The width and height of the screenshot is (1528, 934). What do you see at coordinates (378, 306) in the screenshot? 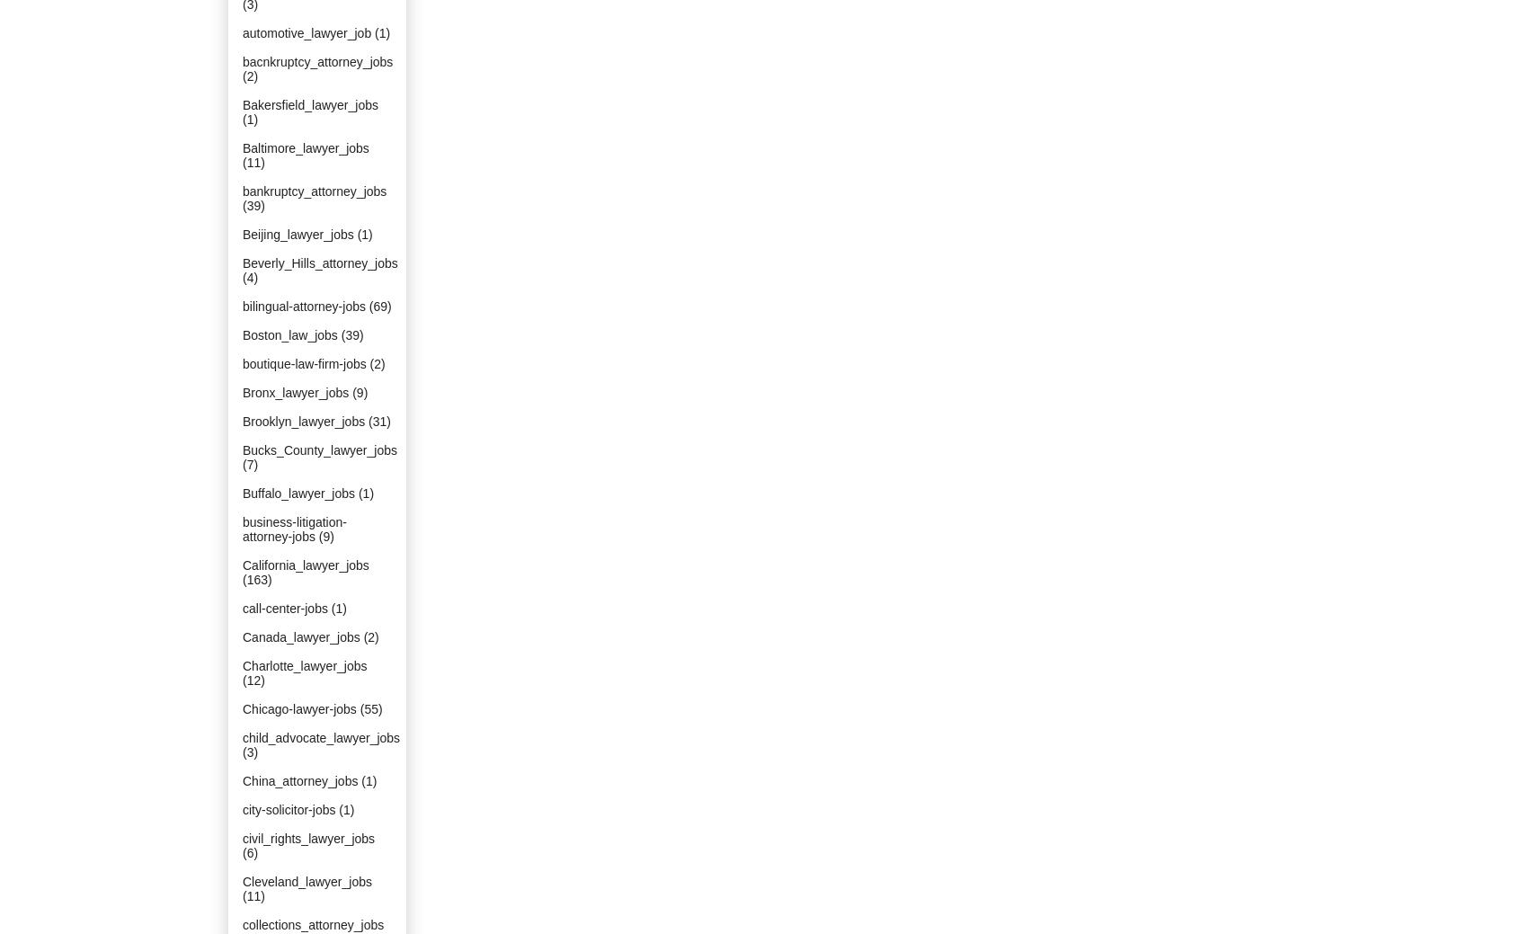
I see `'(69)'` at bounding box center [378, 306].